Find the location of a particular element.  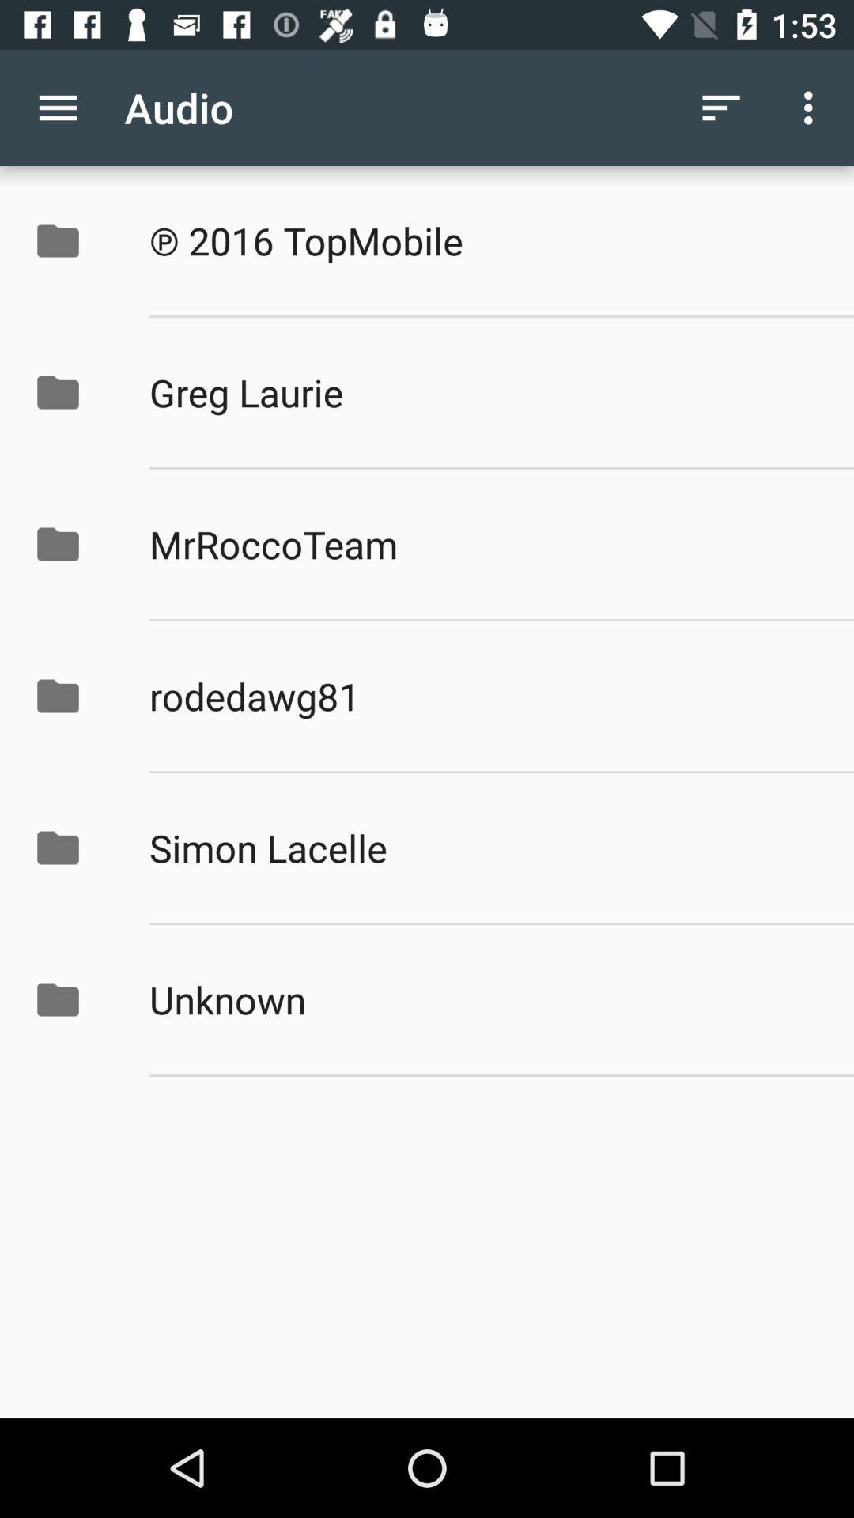

app to the right of audio icon is located at coordinates (720, 107).